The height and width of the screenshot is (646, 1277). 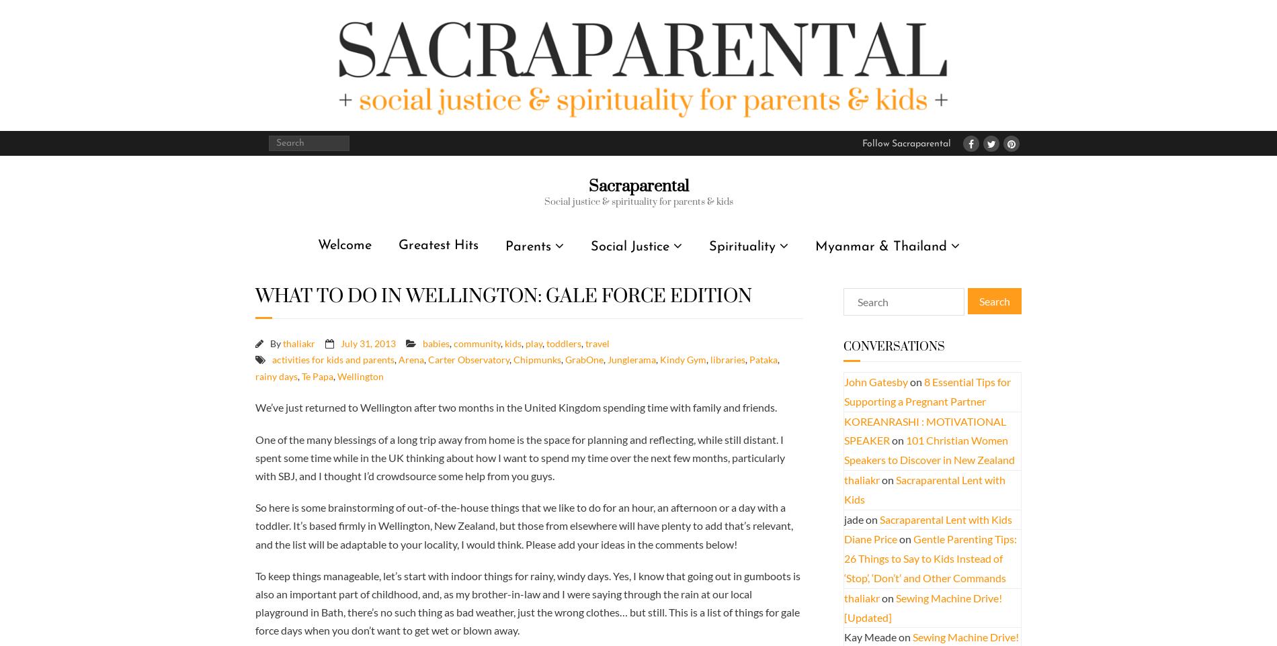 I want to click on 'Conversations', so click(x=893, y=346).